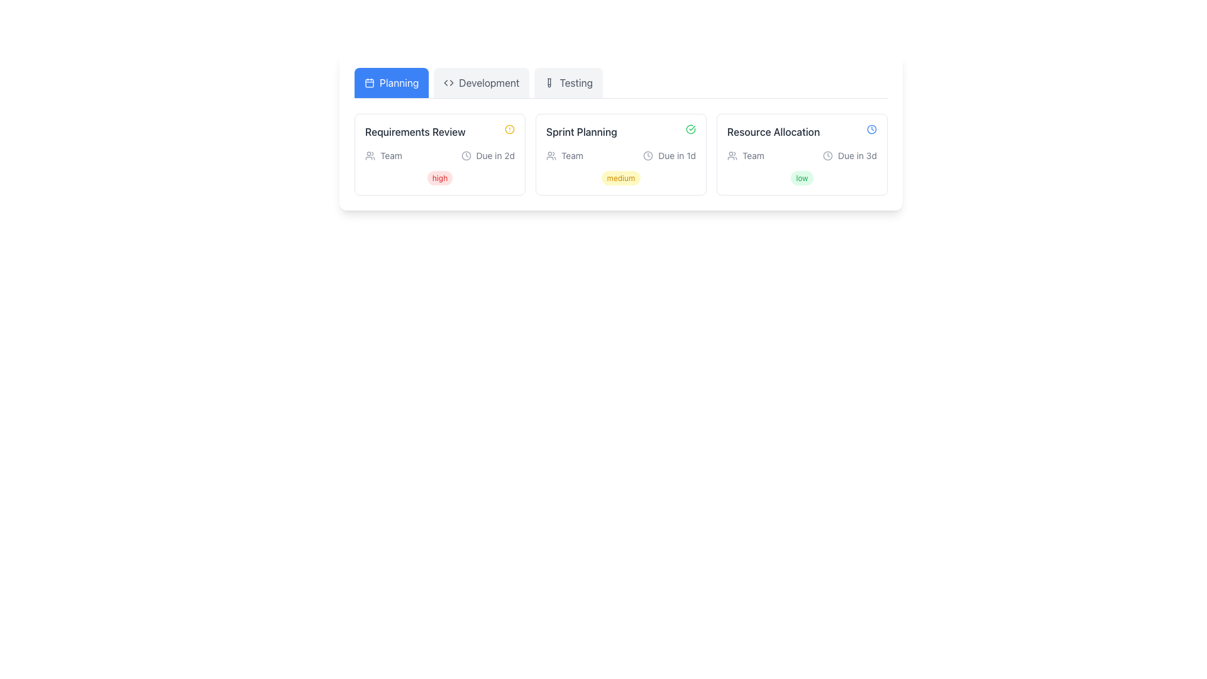 Image resolution: width=1207 pixels, height=679 pixels. What do you see at coordinates (549, 82) in the screenshot?
I see `the decorative SVG icon located on the left side of the text 'Testing' in the third tab of the top navigation bar on the task management page` at bounding box center [549, 82].